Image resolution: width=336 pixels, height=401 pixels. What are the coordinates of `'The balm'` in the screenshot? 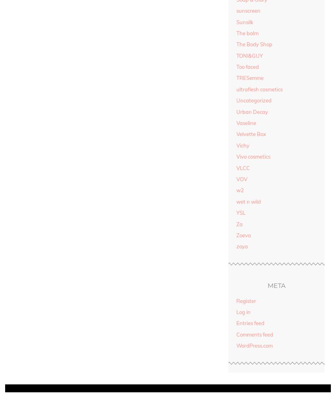 It's located at (236, 32).